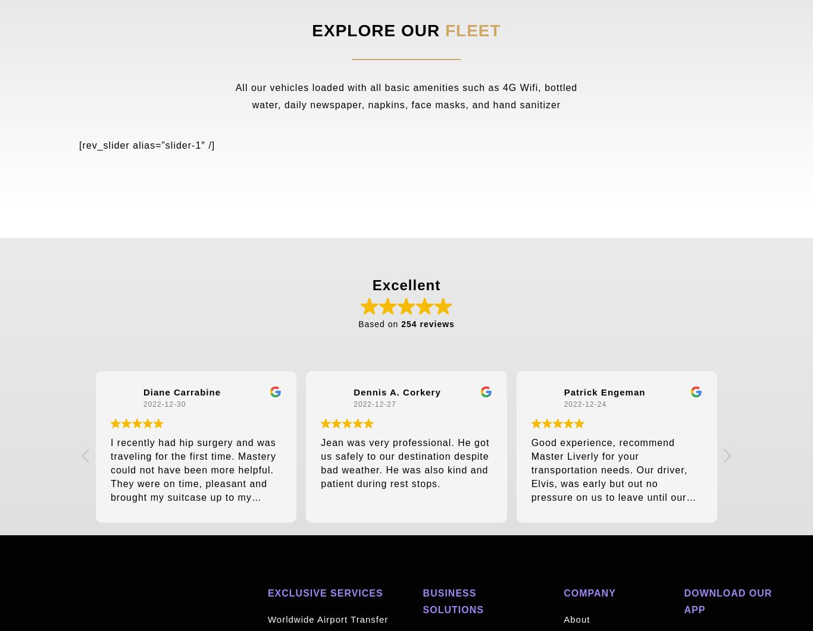 The height and width of the screenshot is (631, 813). What do you see at coordinates (609, 490) in the screenshot?
I see `'Good experience, recommend Master Liverly for your transportation needs. Our driver, Elvis, was early but out no pressure on us to leave until our scheduled time. Elvis was professional, and got us to our destination without issues.'` at bounding box center [609, 490].